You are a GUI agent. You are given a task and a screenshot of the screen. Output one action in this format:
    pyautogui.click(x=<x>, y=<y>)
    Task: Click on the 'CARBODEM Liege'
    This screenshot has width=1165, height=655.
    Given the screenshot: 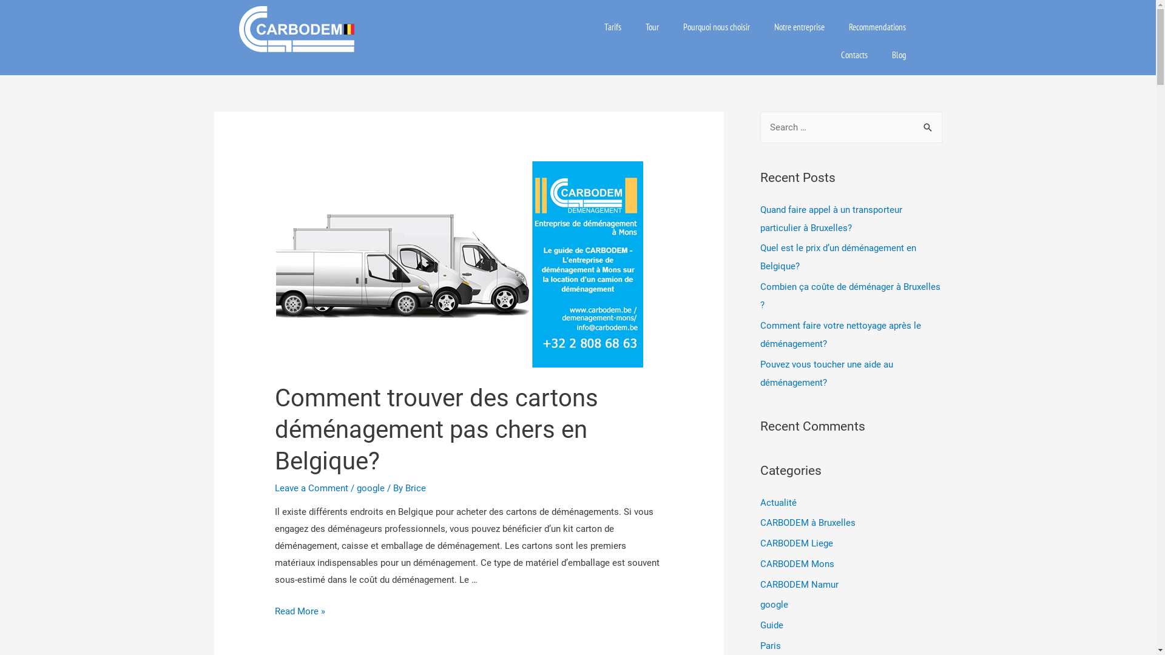 What is the action you would take?
    pyautogui.click(x=795, y=542)
    